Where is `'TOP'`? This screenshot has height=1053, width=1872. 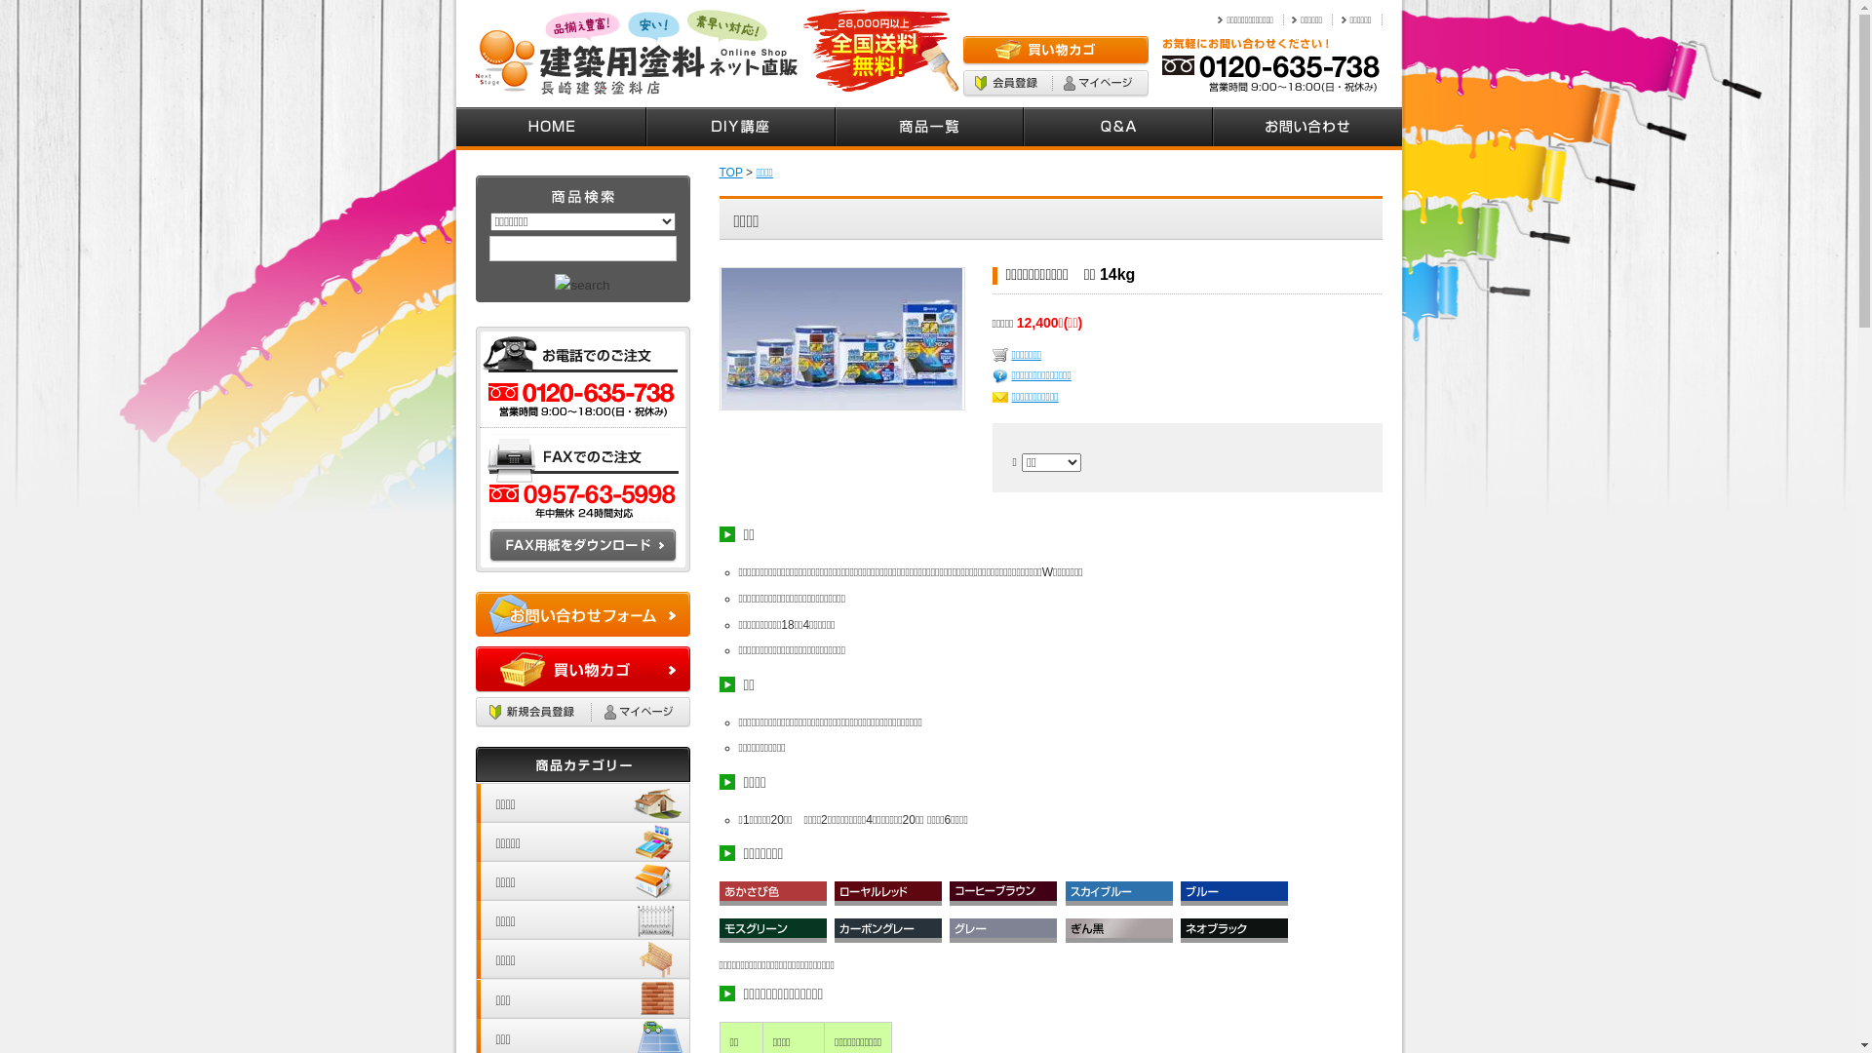 'TOP' is located at coordinates (719, 172).